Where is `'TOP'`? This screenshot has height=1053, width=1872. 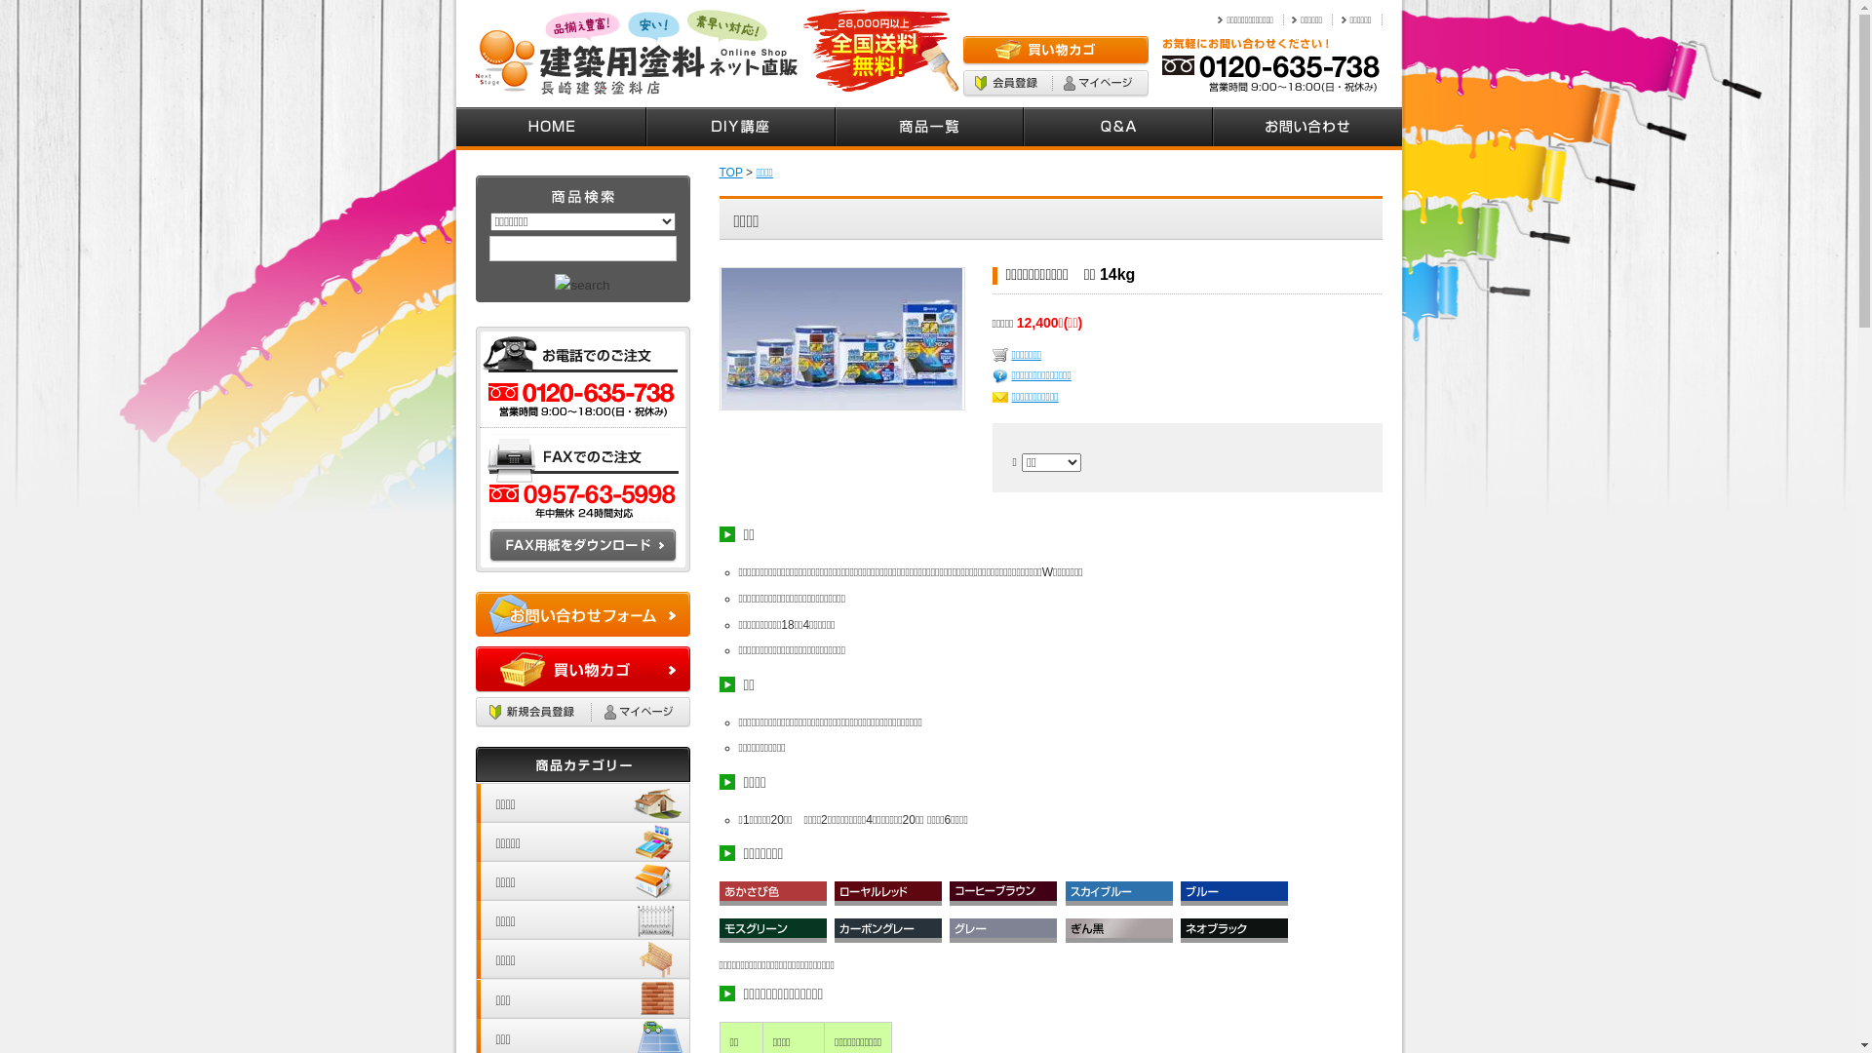 'TOP' is located at coordinates (719, 172).